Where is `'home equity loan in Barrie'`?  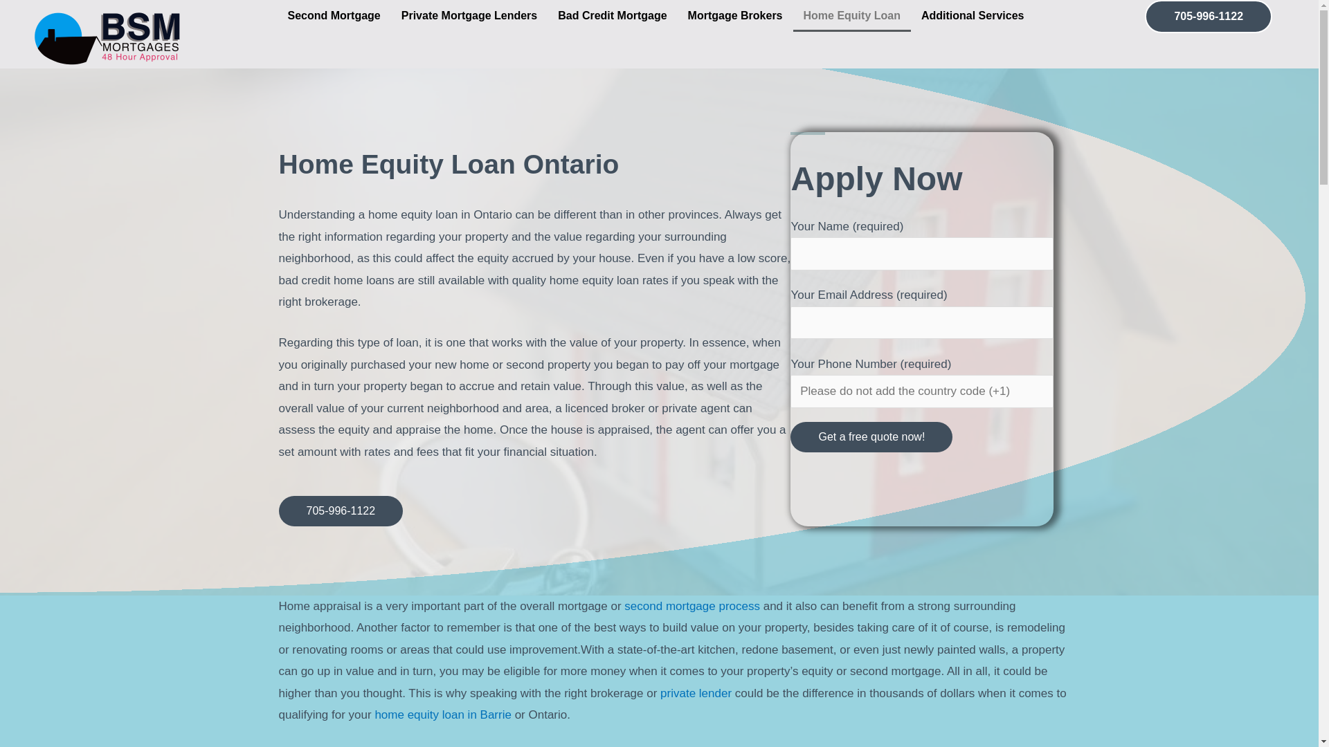
'home equity loan in Barrie' is located at coordinates (374, 714).